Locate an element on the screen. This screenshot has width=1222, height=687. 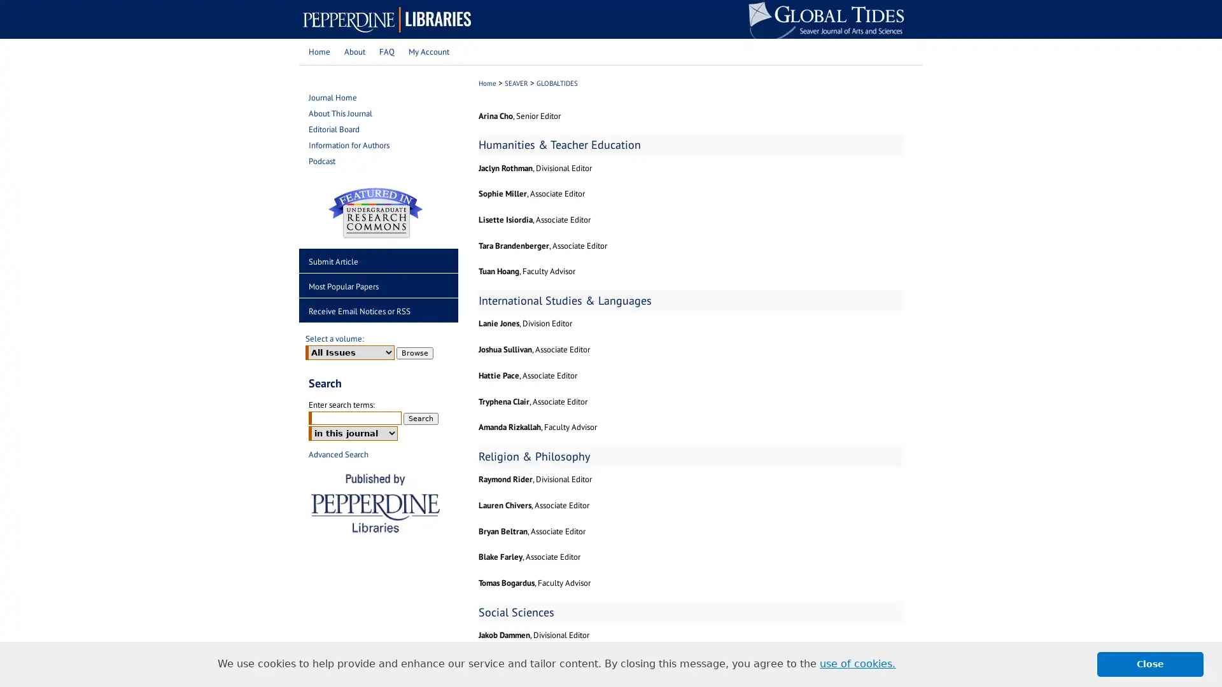
learn more about cookies is located at coordinates (857, 663).